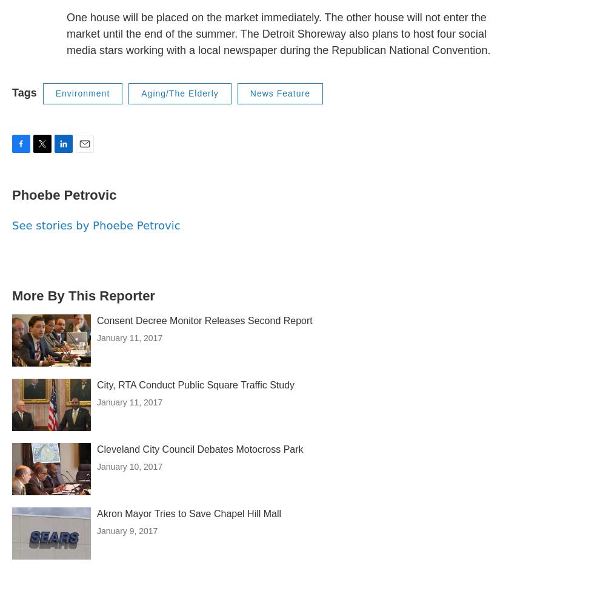 The width and height of the screenshot is (606, 596). What do you see at coordinates (189, 513) in the screenshot?
I see `'Akron Mayor Tries to Save Chapel Hill Mall'` at bounding box center [189, 513].